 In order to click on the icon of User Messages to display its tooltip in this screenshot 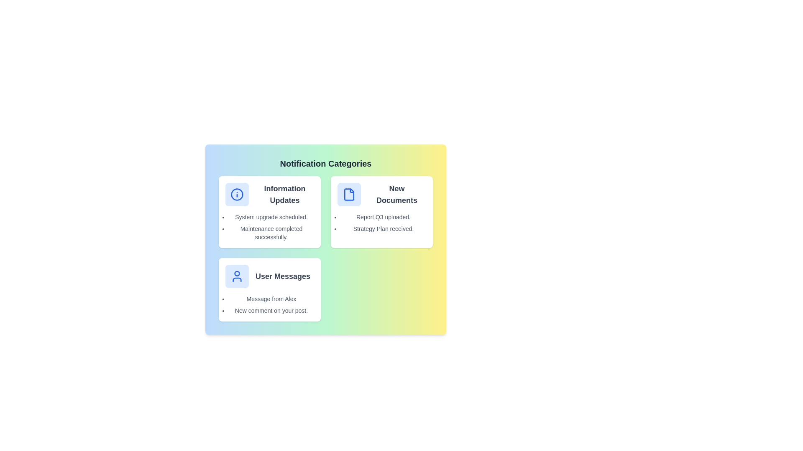, I will do `click(236, 276)`.